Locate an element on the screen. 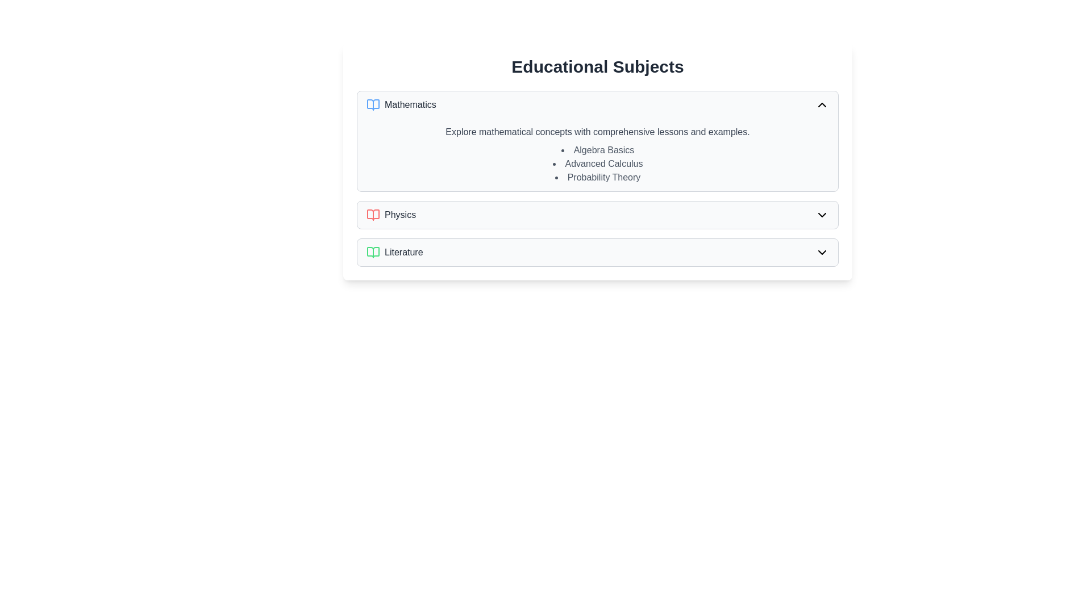 The height and width of the screenshot is (613, 1091). the 'Mathematics' category label located in the top-left corner of the categories list, which includes a downward chevron icon on the right is located at coordinates (401, 105).